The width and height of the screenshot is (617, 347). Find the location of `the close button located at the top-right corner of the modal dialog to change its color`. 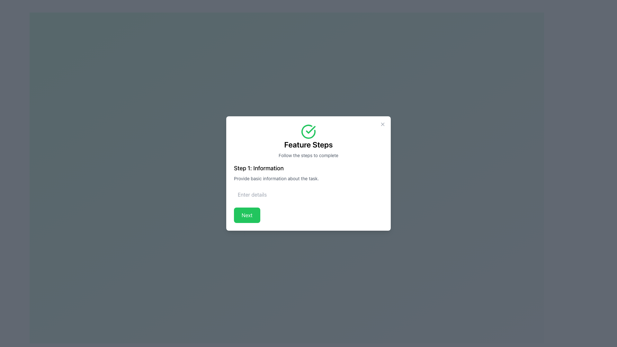

the close button located at the top-right corner of the modal dialog to change its color is located at coordinates (382, 124).